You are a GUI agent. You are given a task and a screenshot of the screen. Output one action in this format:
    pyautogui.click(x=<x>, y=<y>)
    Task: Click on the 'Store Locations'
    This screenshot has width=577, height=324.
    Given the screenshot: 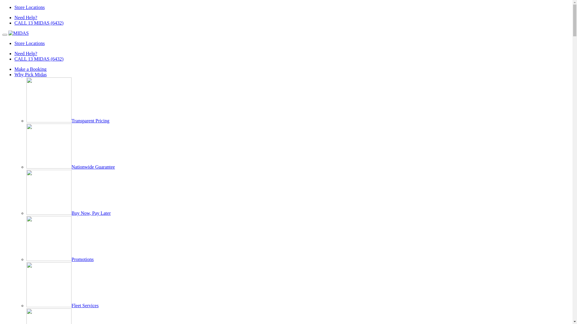 What is the action you would take?
    pyautogui.click(x=29, y=7)
    